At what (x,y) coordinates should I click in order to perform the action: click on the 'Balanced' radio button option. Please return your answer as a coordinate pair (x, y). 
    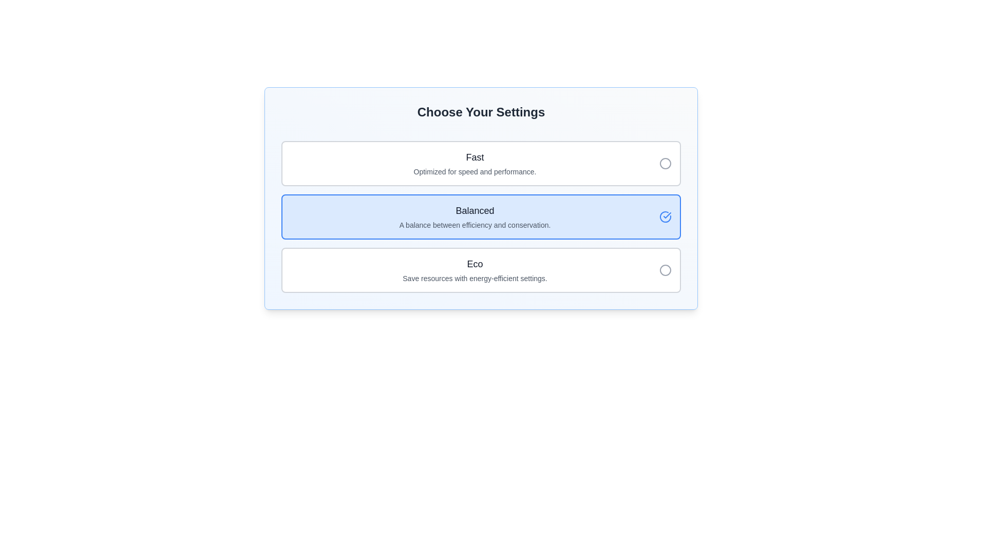
    Looking at the image, I should click on (480, 216).